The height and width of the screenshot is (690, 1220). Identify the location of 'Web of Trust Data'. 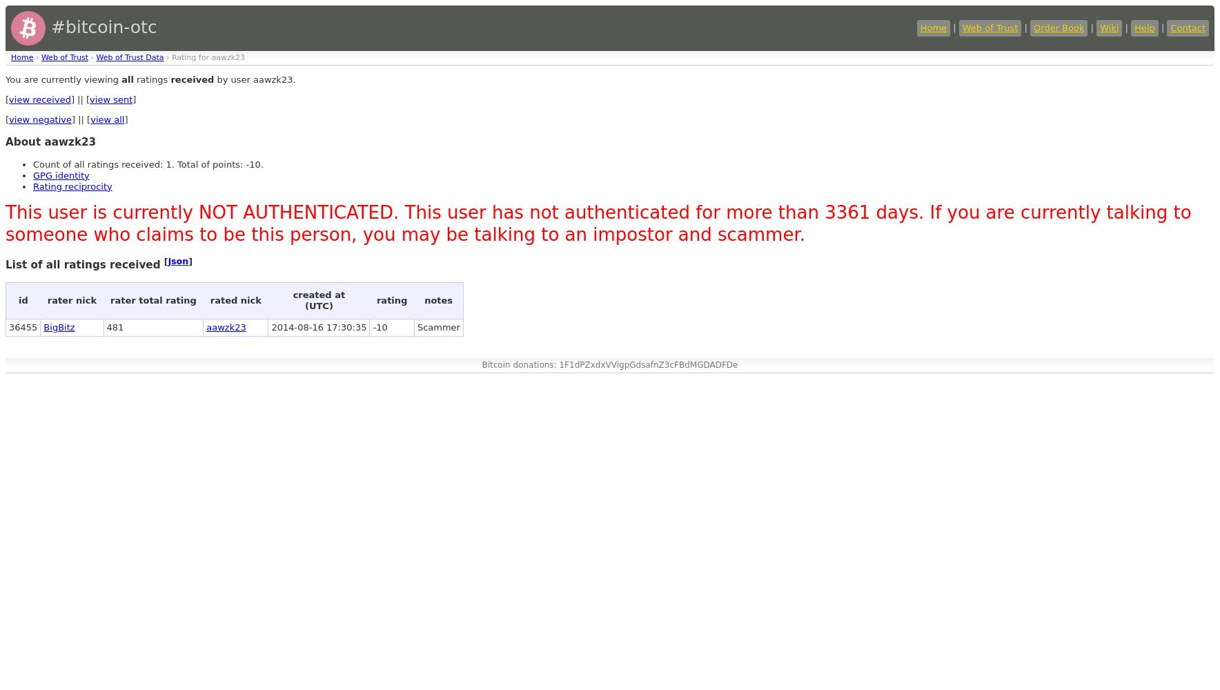
(128, 57).